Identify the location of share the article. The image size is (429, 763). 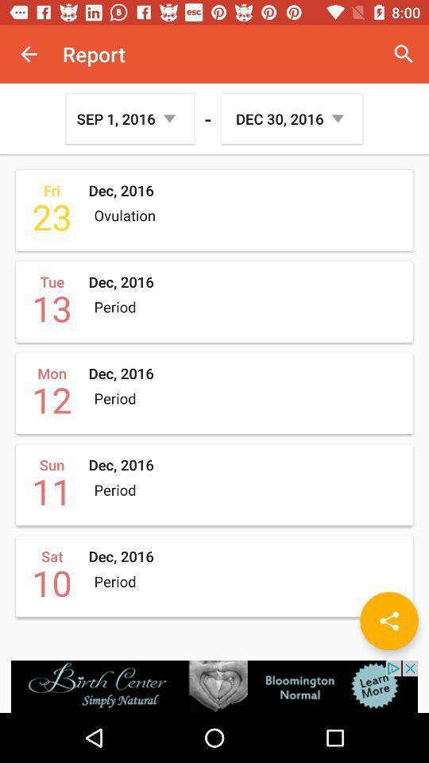
(388, 621).